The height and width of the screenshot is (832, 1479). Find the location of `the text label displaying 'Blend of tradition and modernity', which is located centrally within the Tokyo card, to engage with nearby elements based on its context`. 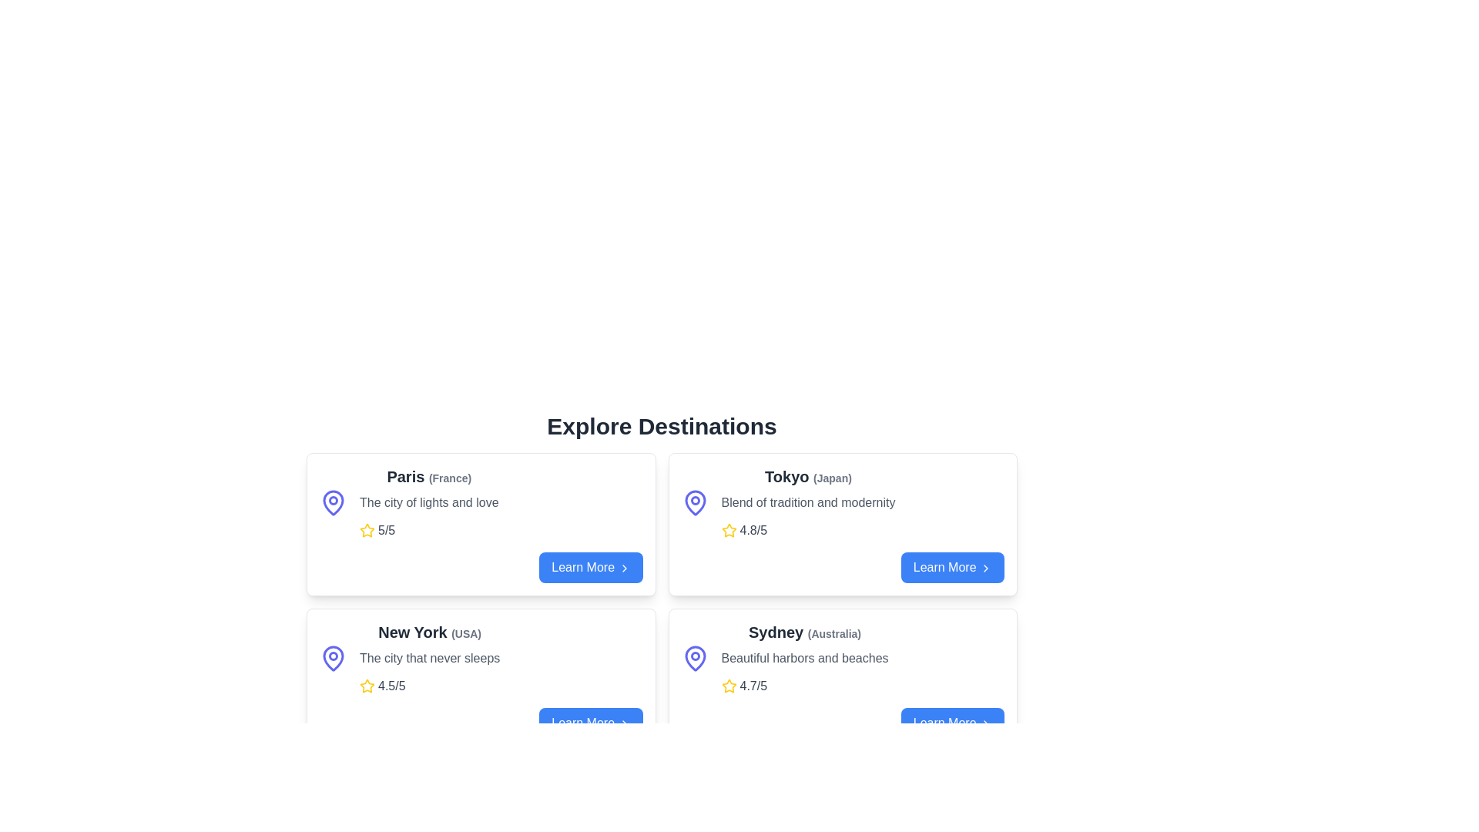

the text label displaying 'Blend of tradition and modernity', which is located centrally within the Tokyo card, to engage with nearby elements based on its context is located at coordinates (807, 502).